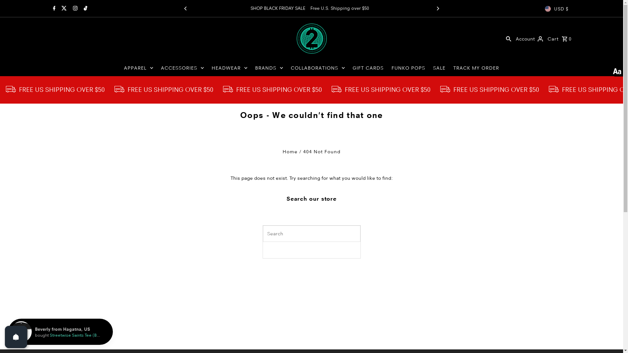 The width and height of the screenshot is (628, 353). I want to click on 'COLLABORATIONS', so click(318, 68).